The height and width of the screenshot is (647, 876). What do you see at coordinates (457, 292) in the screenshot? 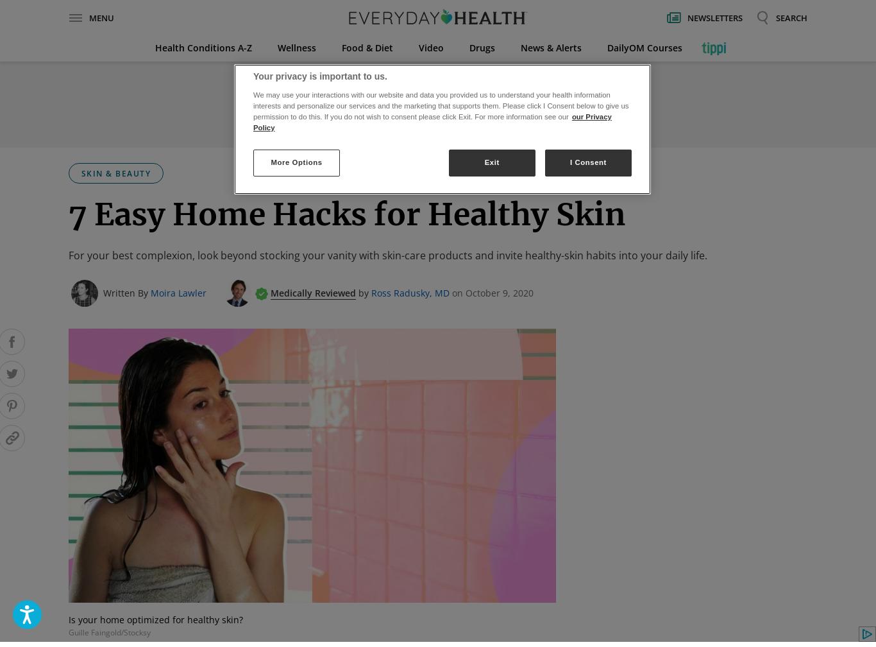
I see `'on'` at bounding box center [457, 292].